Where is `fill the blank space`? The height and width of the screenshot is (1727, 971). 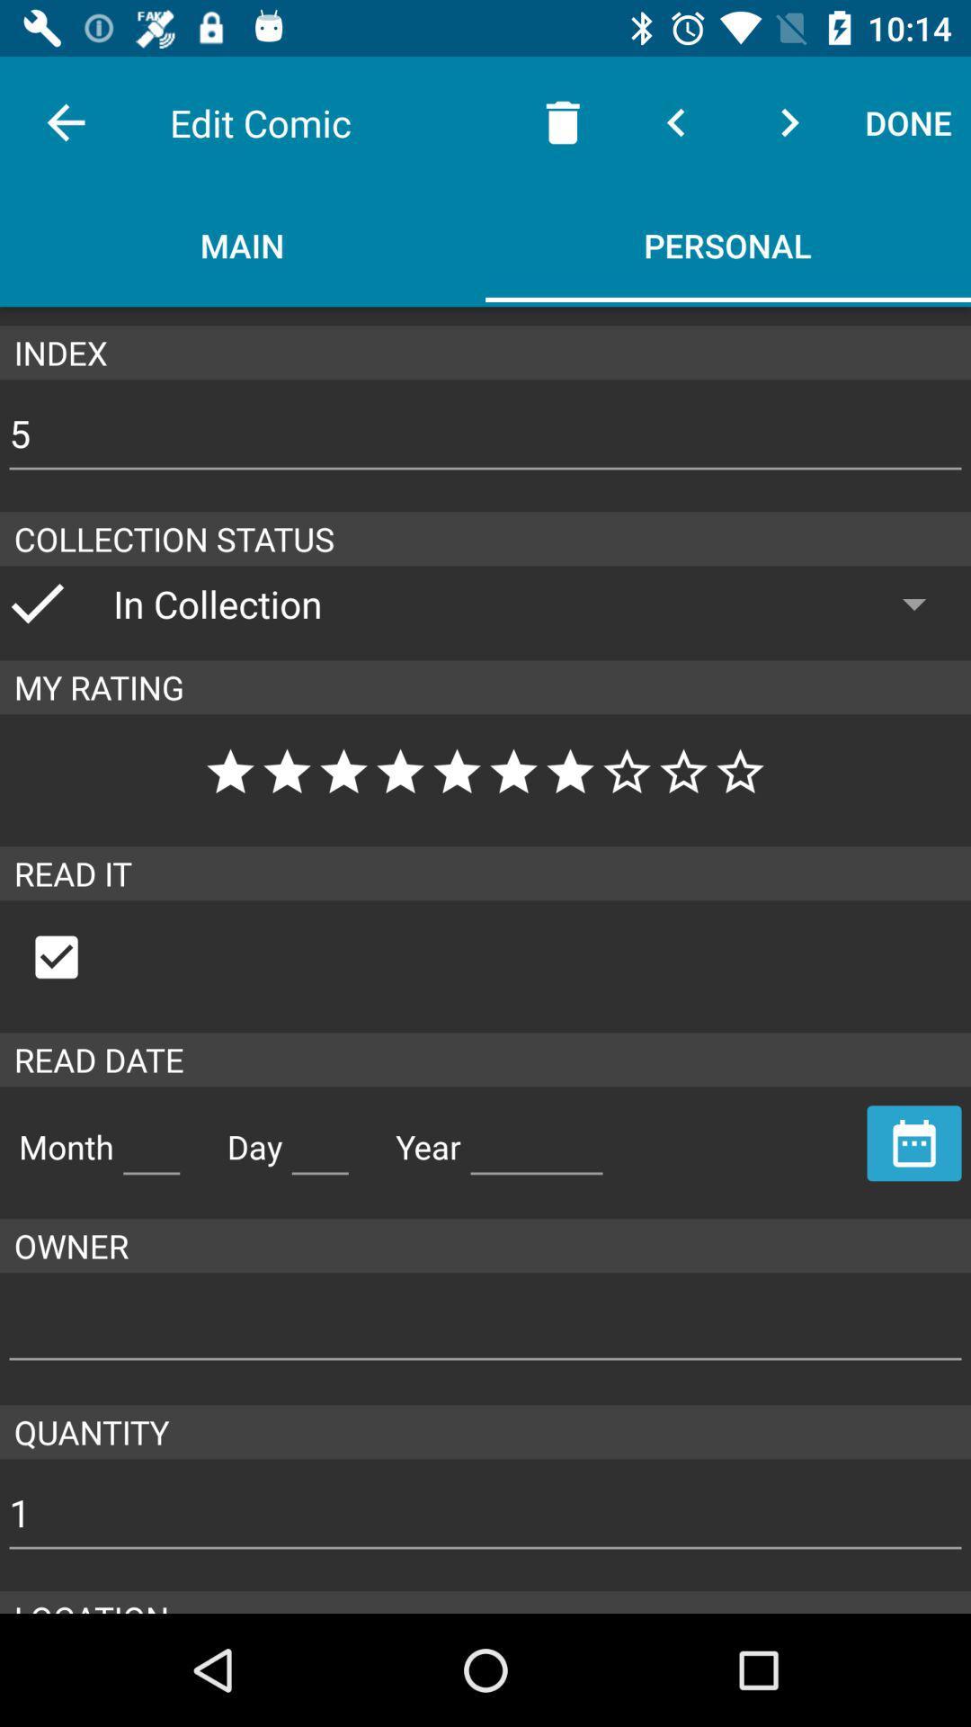
fill the blank space is located at coordinates (150, 1139).